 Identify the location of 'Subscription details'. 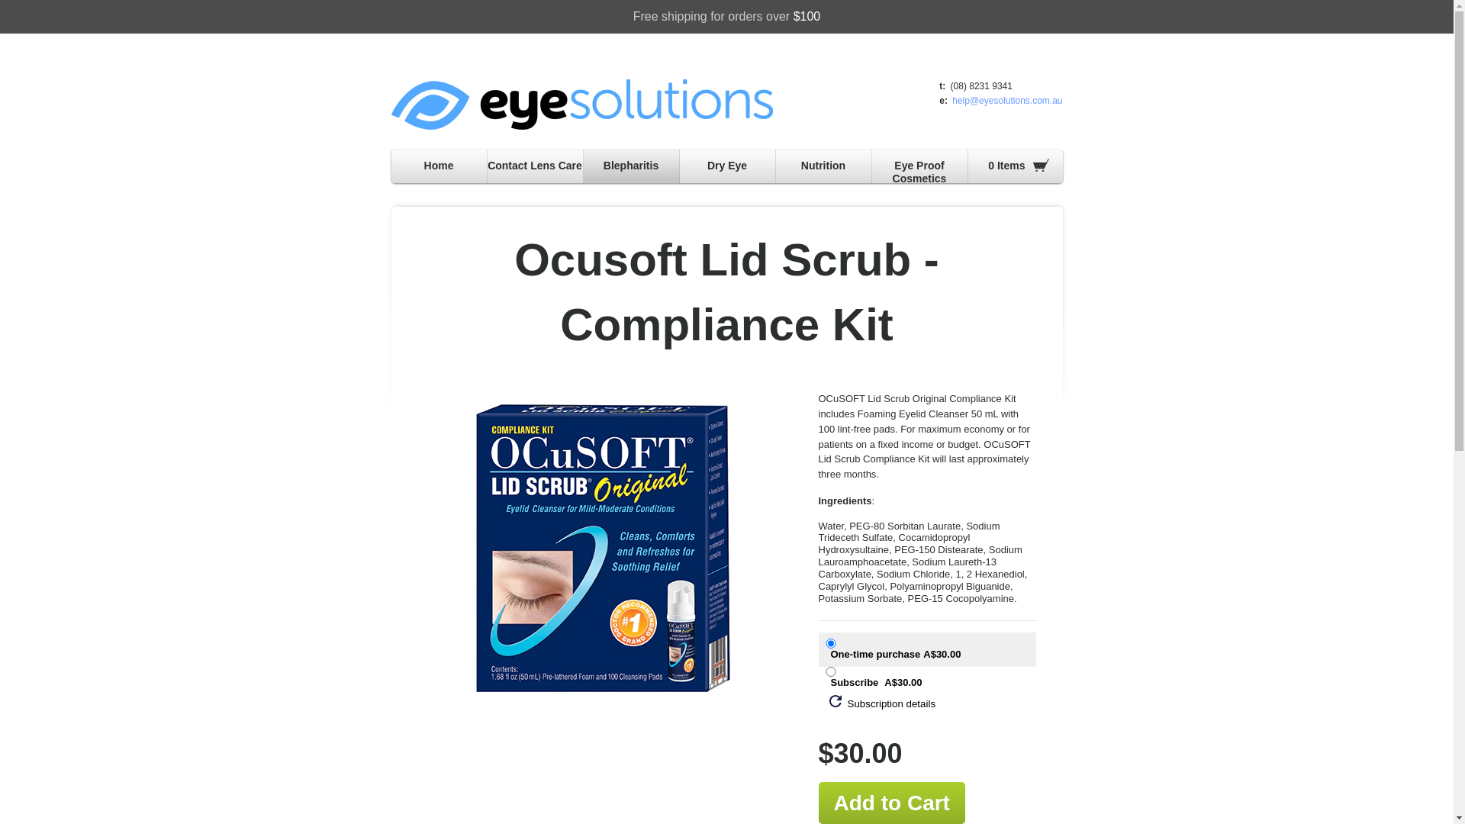
(882, 703).